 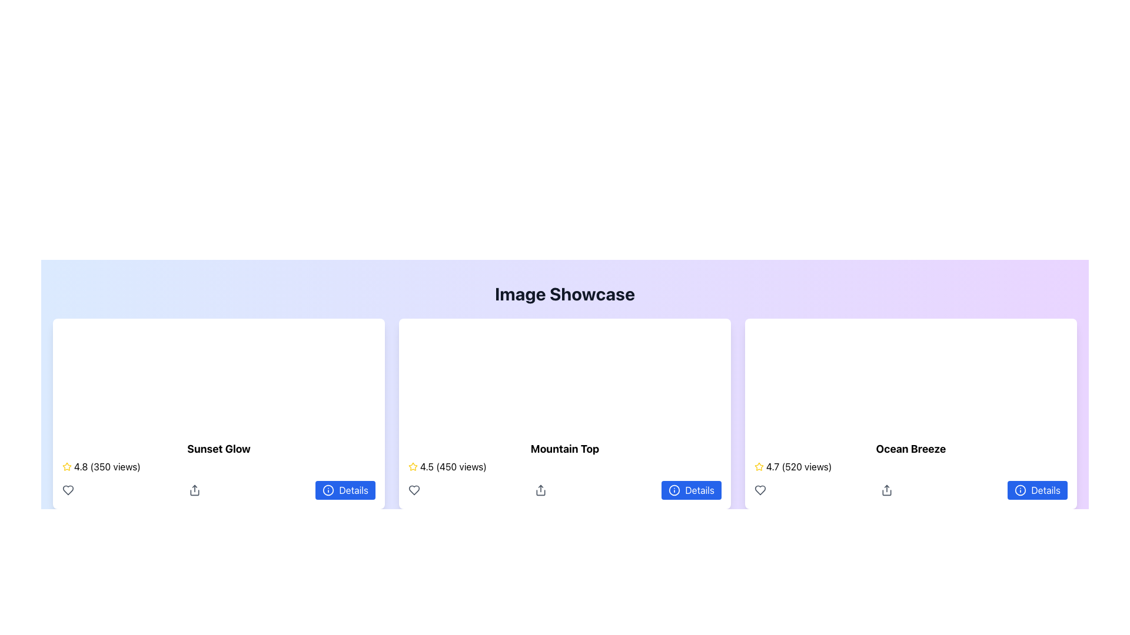 I want to click on the rectangular button with a blue background and white text saying 'Details', located at the bottom right of the middle card, so click(x=692, y=490).